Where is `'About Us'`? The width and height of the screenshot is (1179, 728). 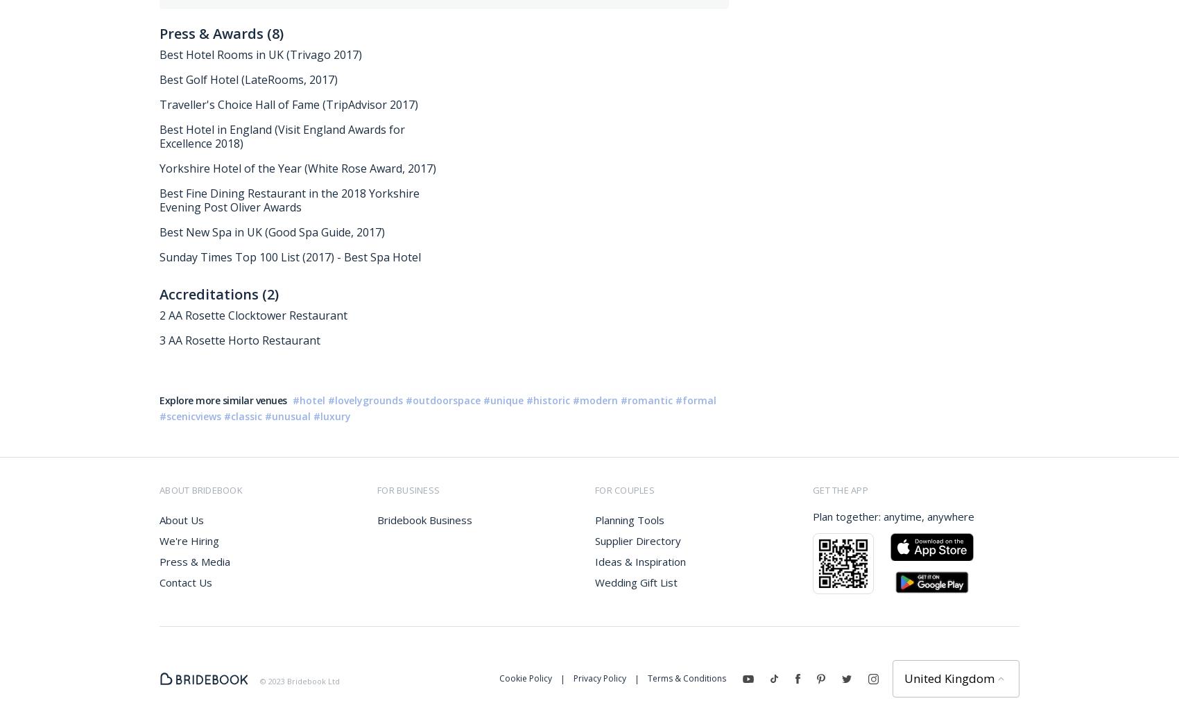 'About Us' is located at coordinates (181, 520).